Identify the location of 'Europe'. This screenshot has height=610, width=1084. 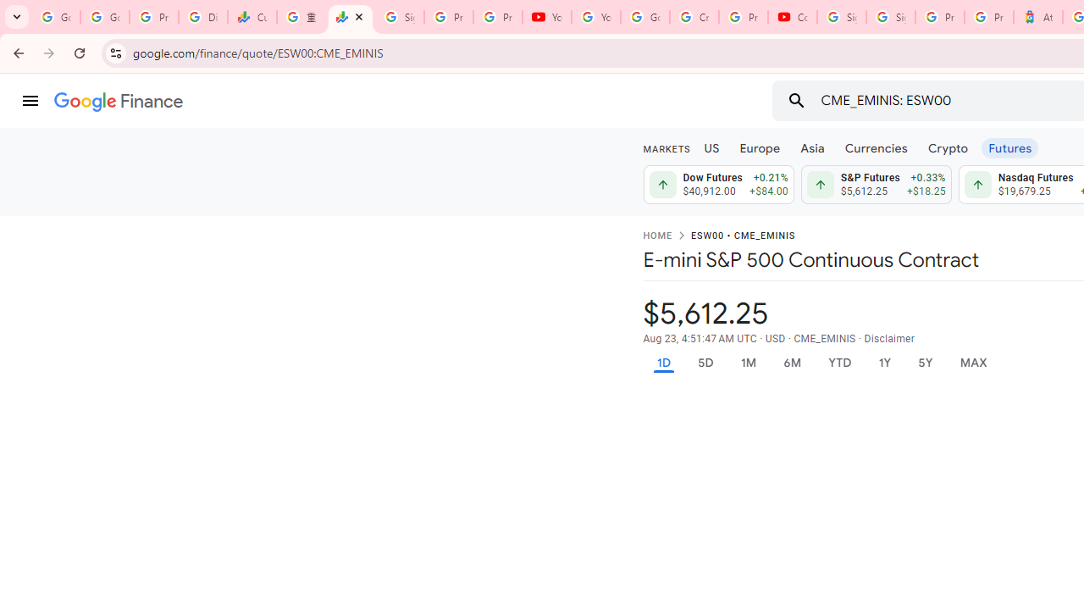
(759, 147).